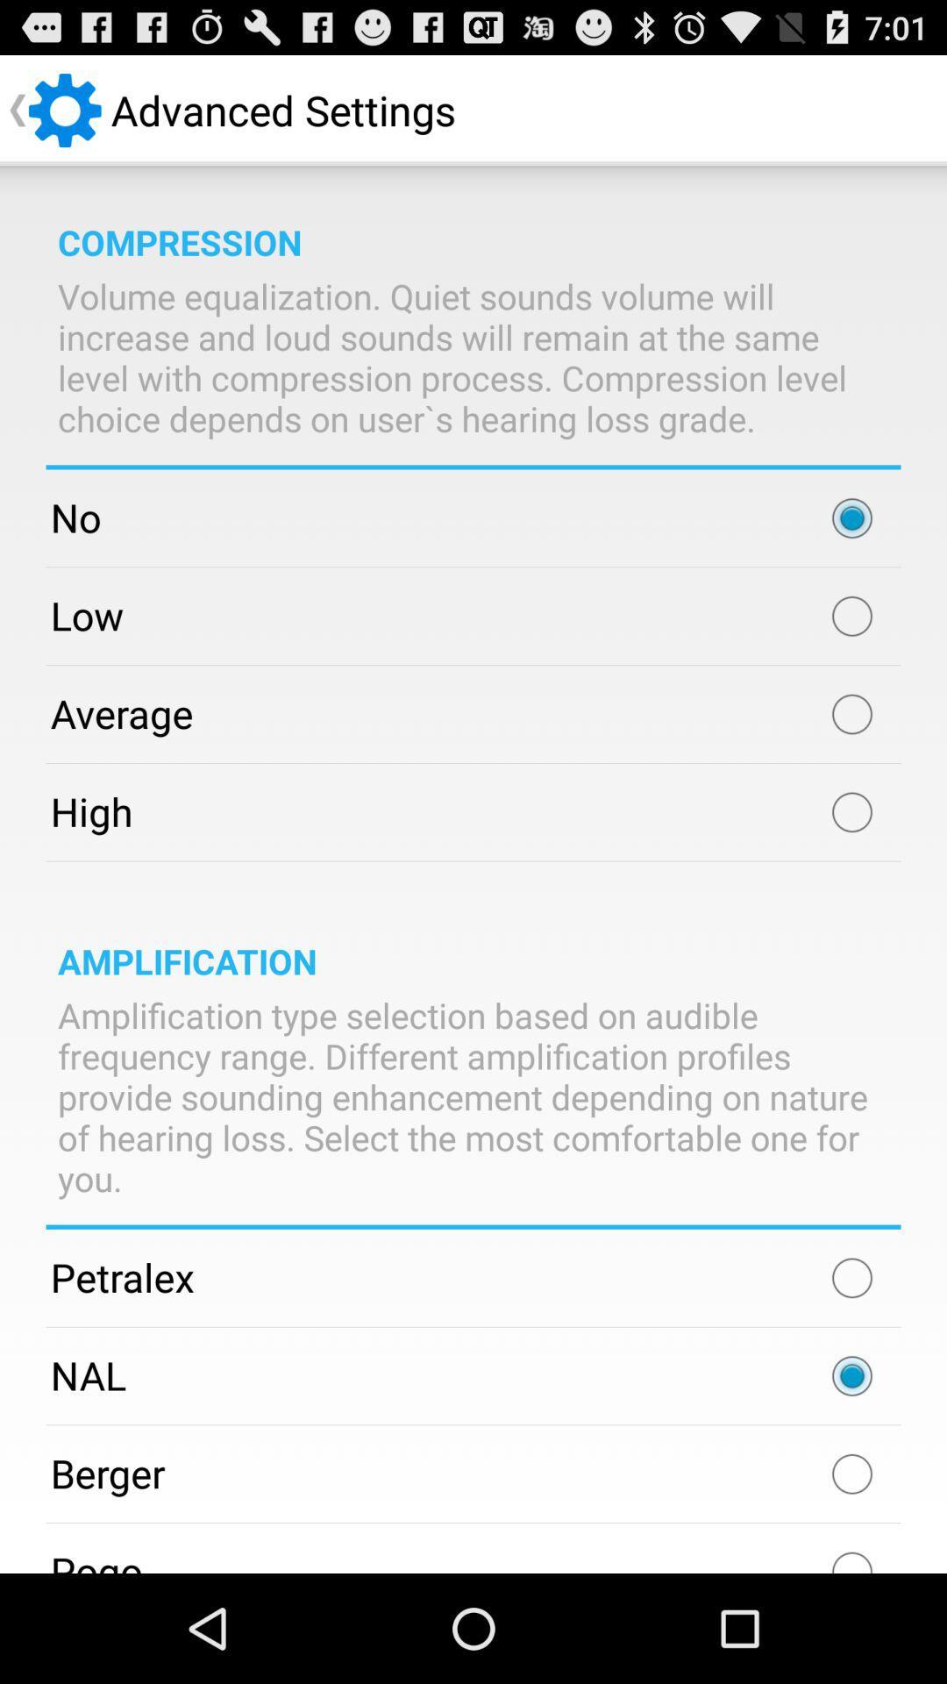 This screenshot has width=947, height=1684. I want to click on app to the right of the berger, so click(851, 1473).